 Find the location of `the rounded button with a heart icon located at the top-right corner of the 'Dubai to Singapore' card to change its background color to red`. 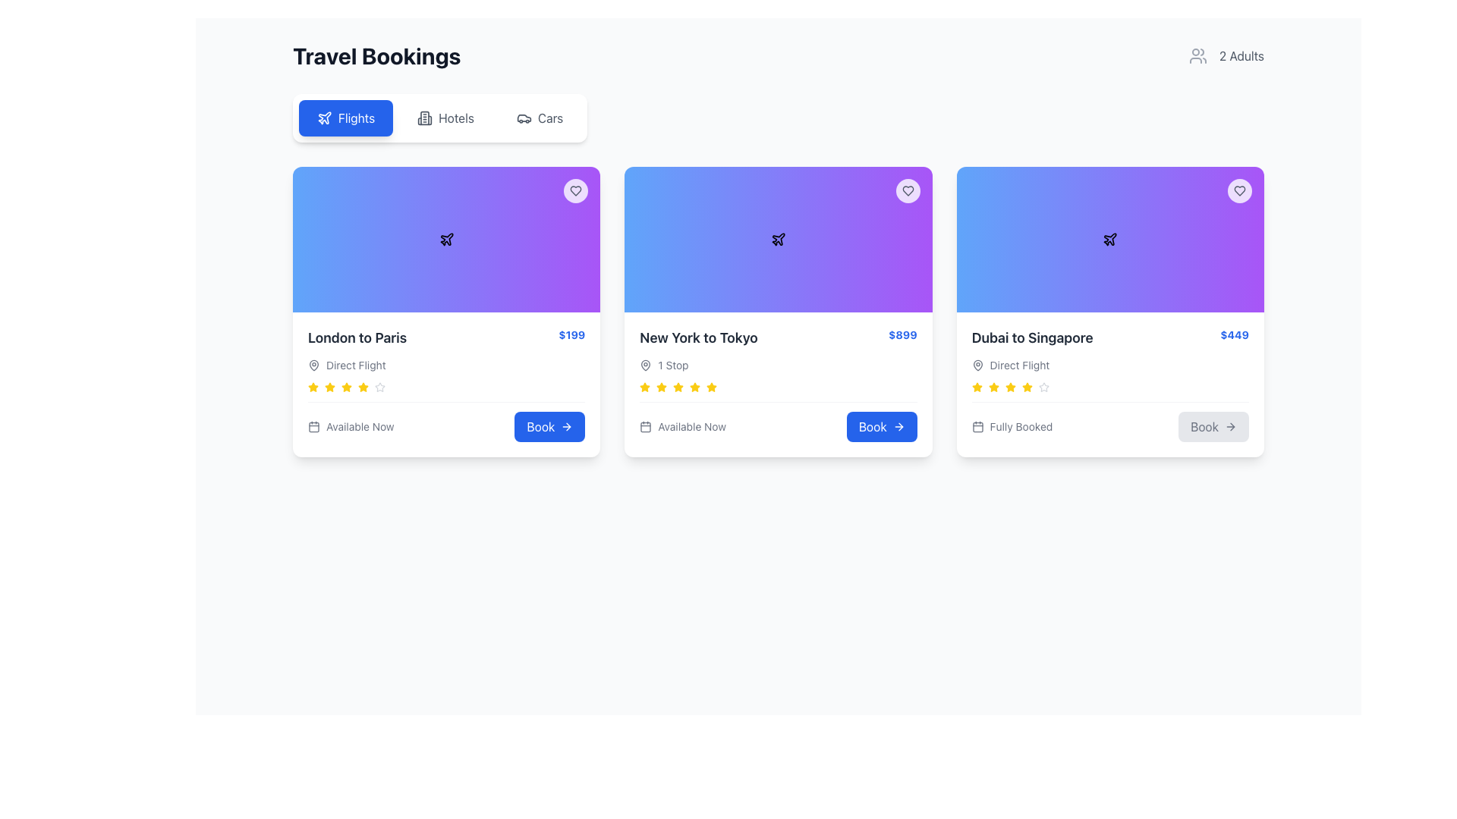

the rounded button with a heart icon located at the top-right corner of the 'Dubai to Singapore' card to change its background color to red is located at coordinates (1239, 190).